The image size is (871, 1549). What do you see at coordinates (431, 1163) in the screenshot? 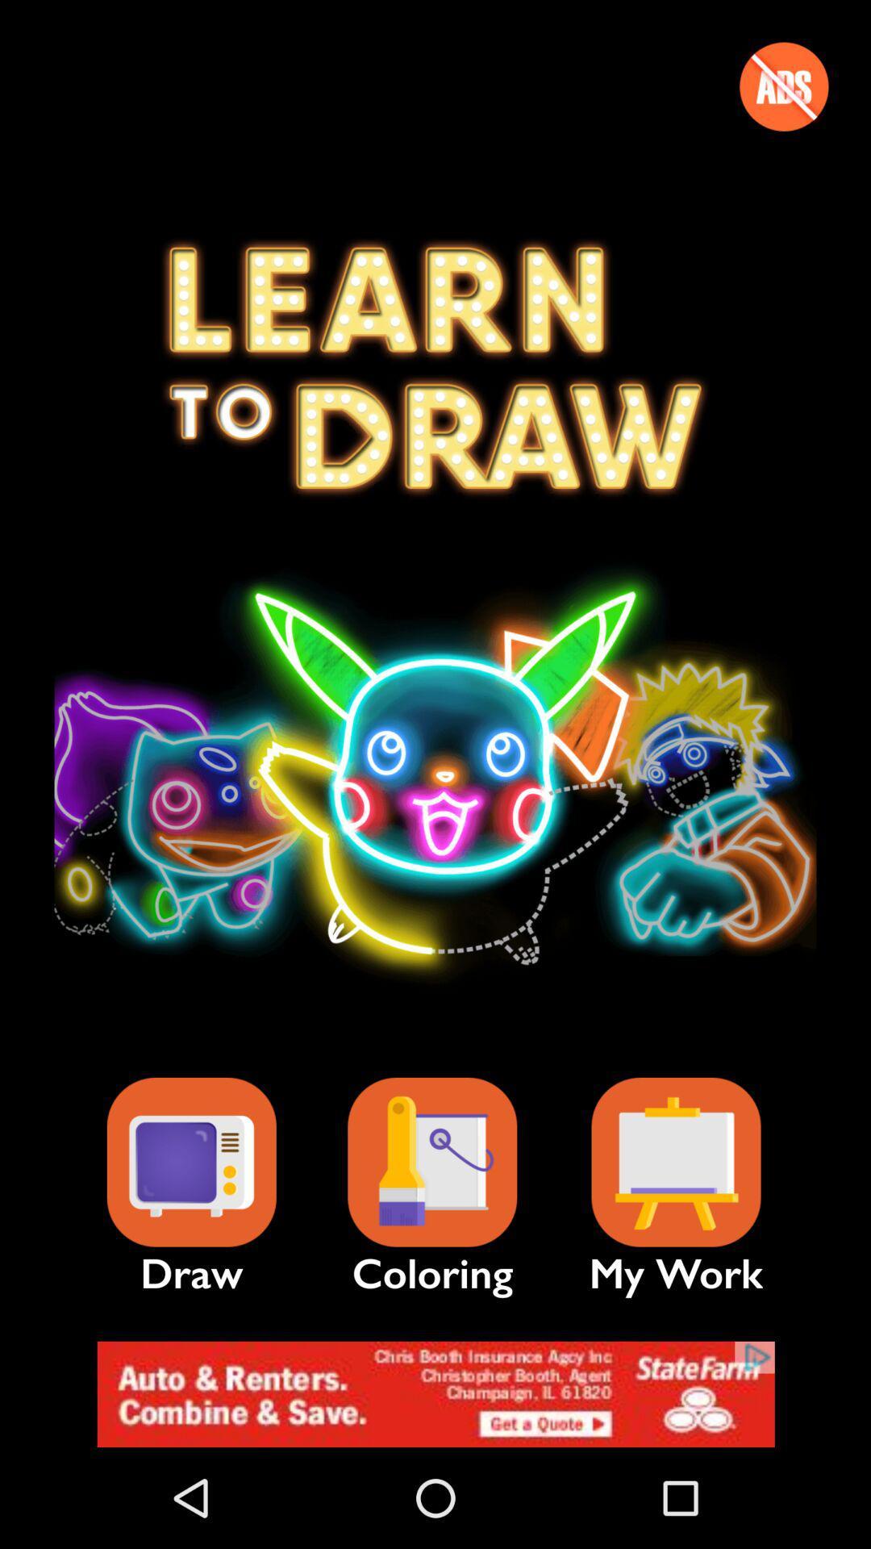
I see `icon next to the my work` at bounding box center [431, 1163].